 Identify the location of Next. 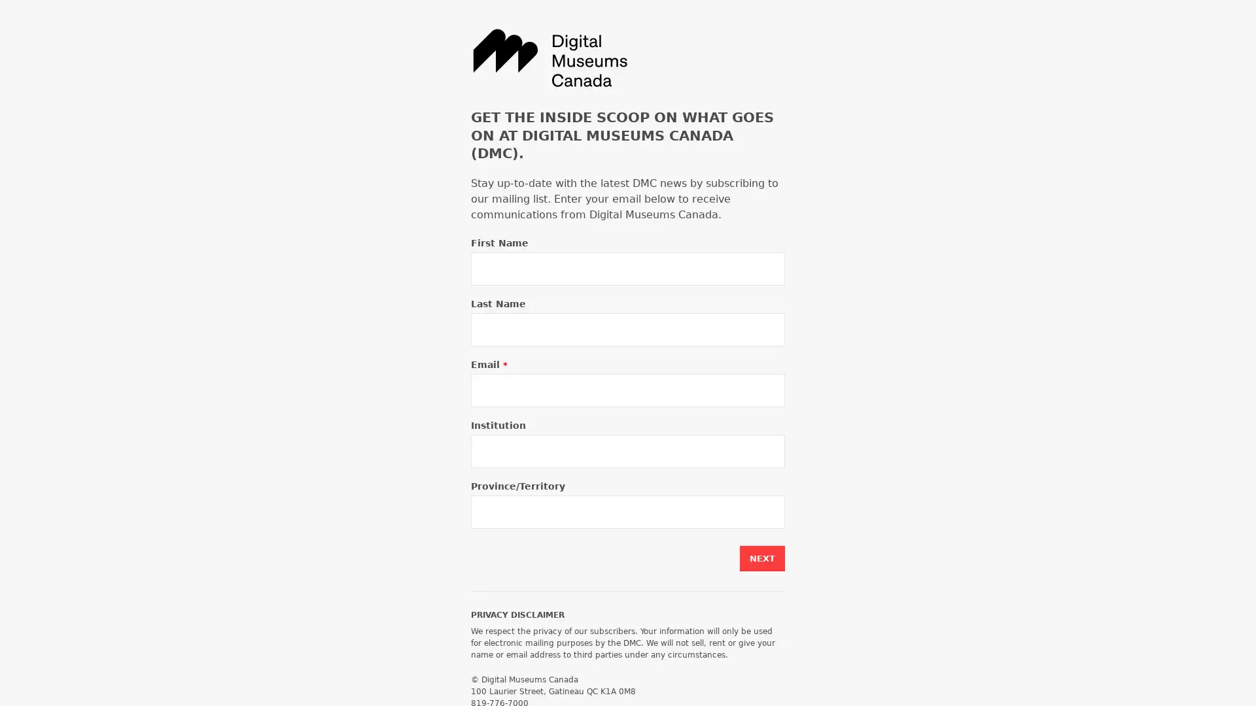
(762, 558).